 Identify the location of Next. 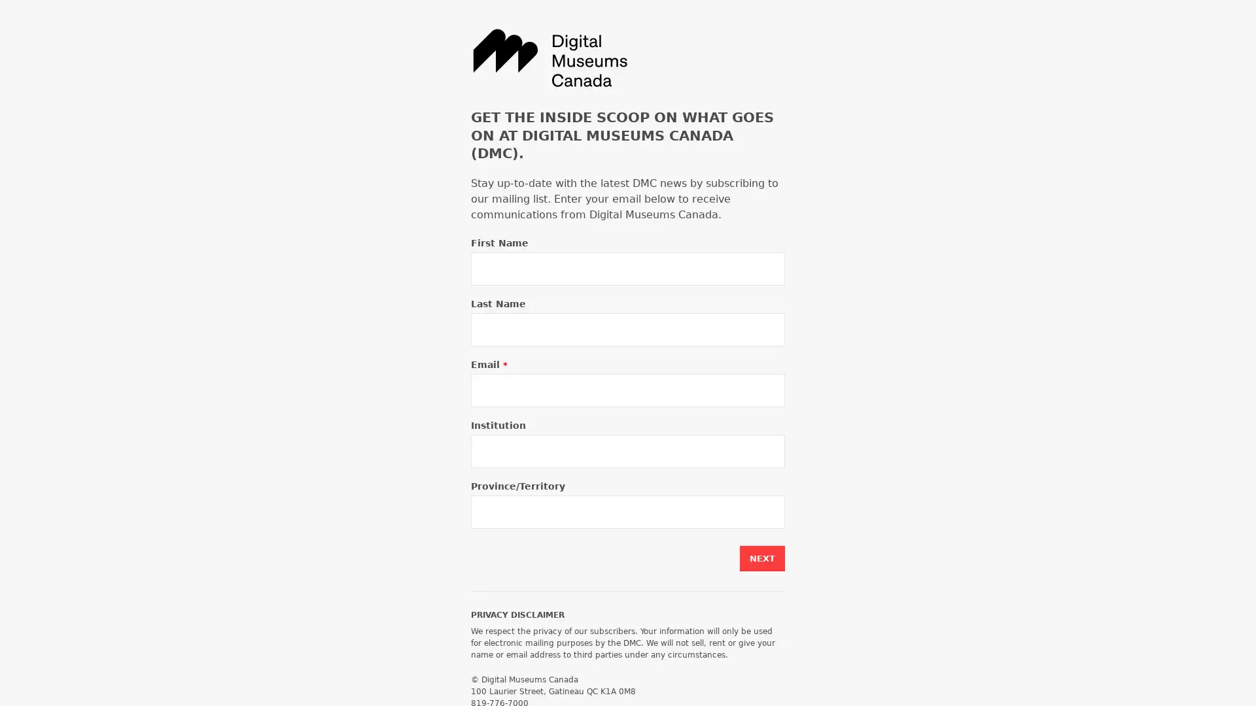
(762, 558).